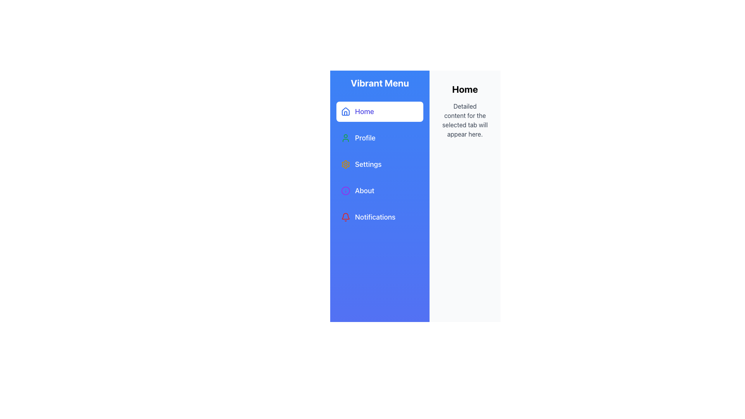 The width and height of the screenshot is (745, 419). Describe the element at coordinates (345, 137) in the screenshot. I see `the Profile menu item icon located to the left of the text 'Profile' in the sidebar` at that location.